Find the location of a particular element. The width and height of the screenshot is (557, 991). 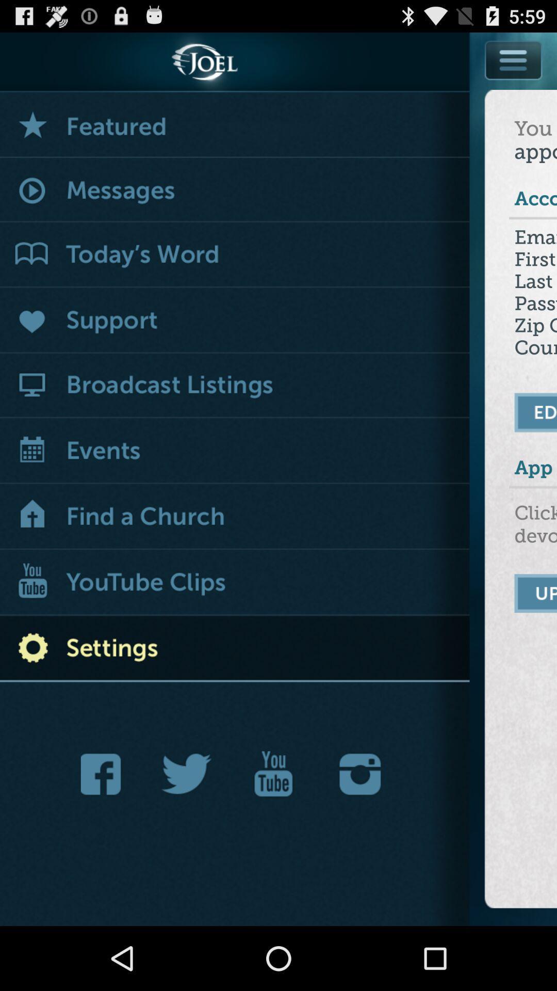

edit your settings is located at coordinates (535, 412).